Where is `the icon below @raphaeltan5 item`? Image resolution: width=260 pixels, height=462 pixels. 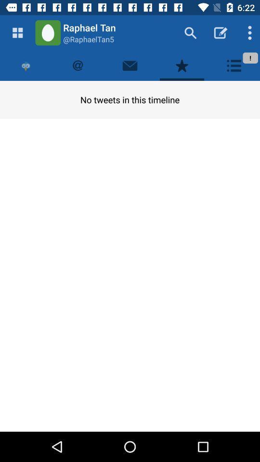 the icon below @raphaeltan5 item is located at coordinates (130, 65).